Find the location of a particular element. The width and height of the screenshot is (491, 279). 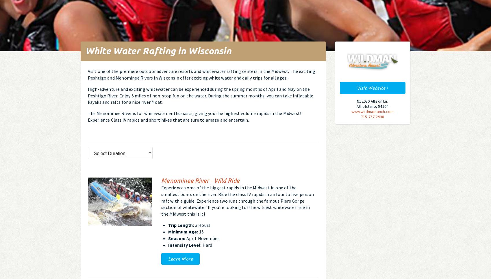

'3 Hours' is located at coordinates (202, 225).